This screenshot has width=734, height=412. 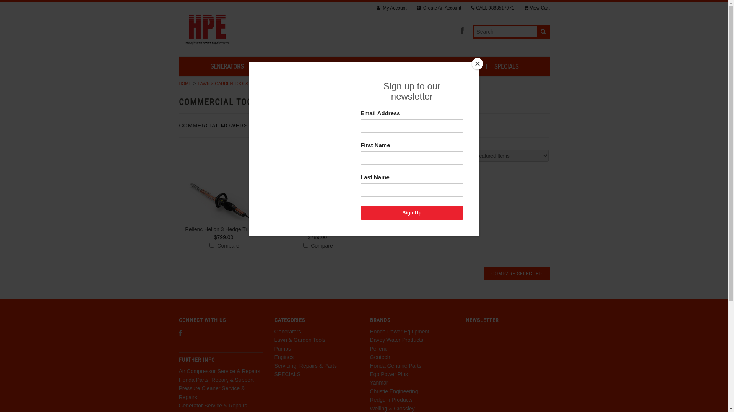 What do you see at coordinates (442, 66) in the screenshot?
I see `'SERVICING, REPAIRS & PARTS'` at bounding box center [442, 66].